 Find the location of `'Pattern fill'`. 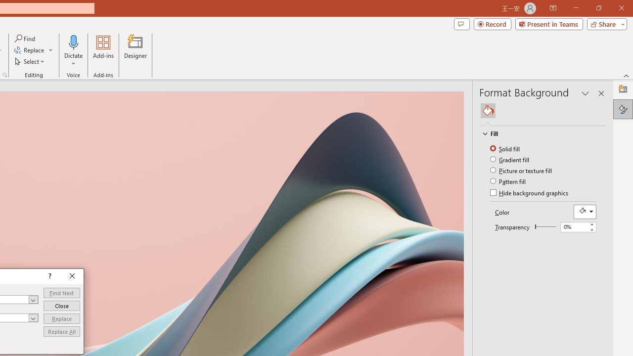

'Pattern fill' is located at coordinates (509, 181).